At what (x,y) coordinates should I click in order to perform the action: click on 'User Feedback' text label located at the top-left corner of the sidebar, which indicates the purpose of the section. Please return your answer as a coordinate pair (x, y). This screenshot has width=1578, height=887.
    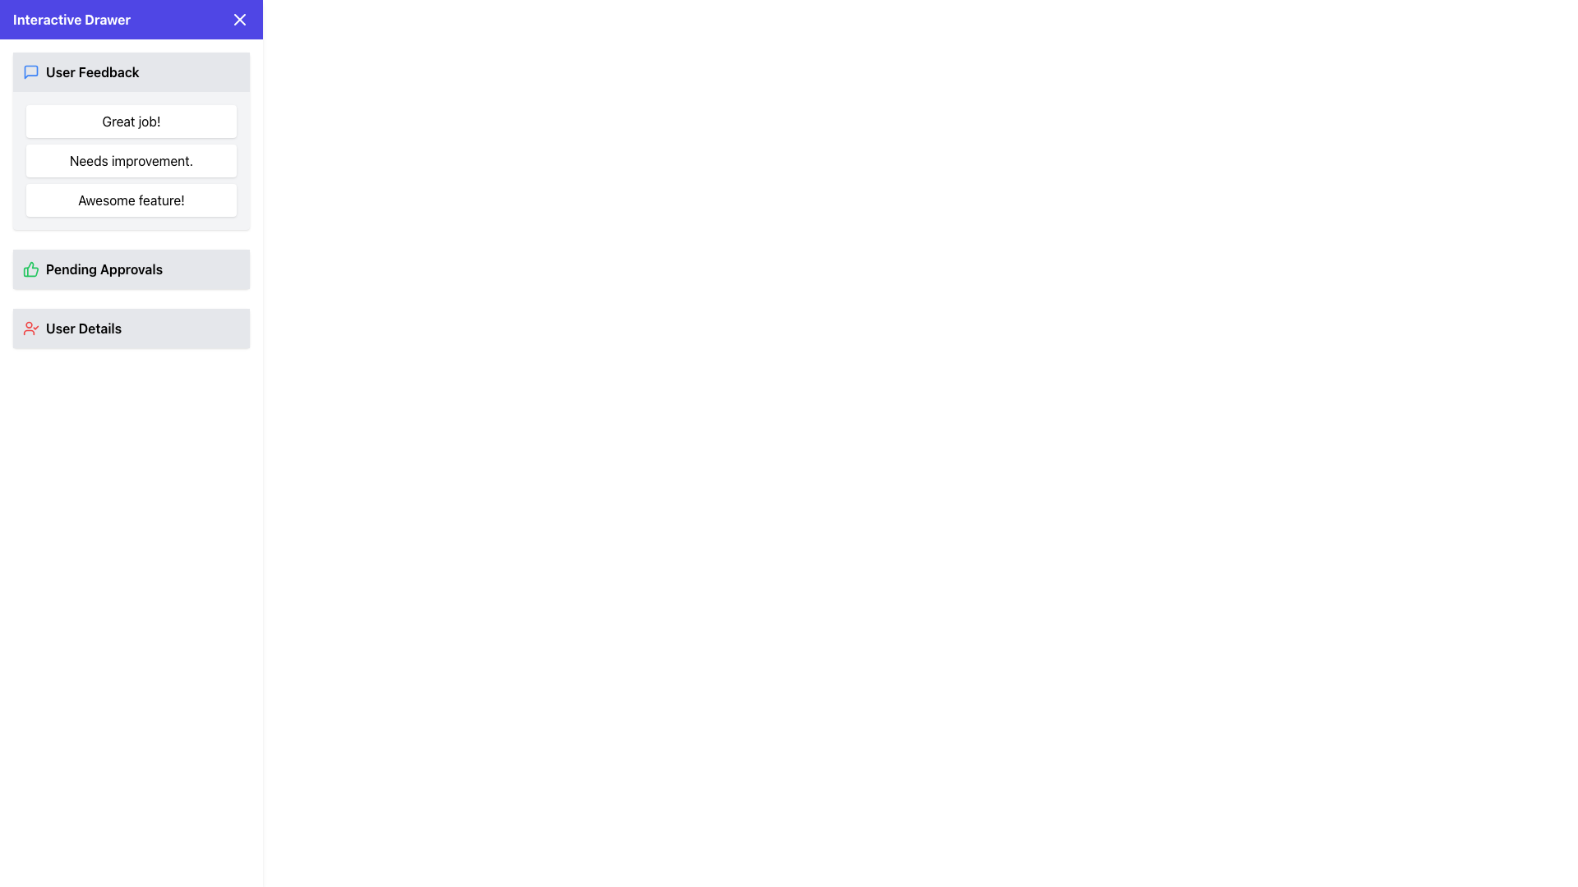
    Looking at the image, I should click on (91, 71).